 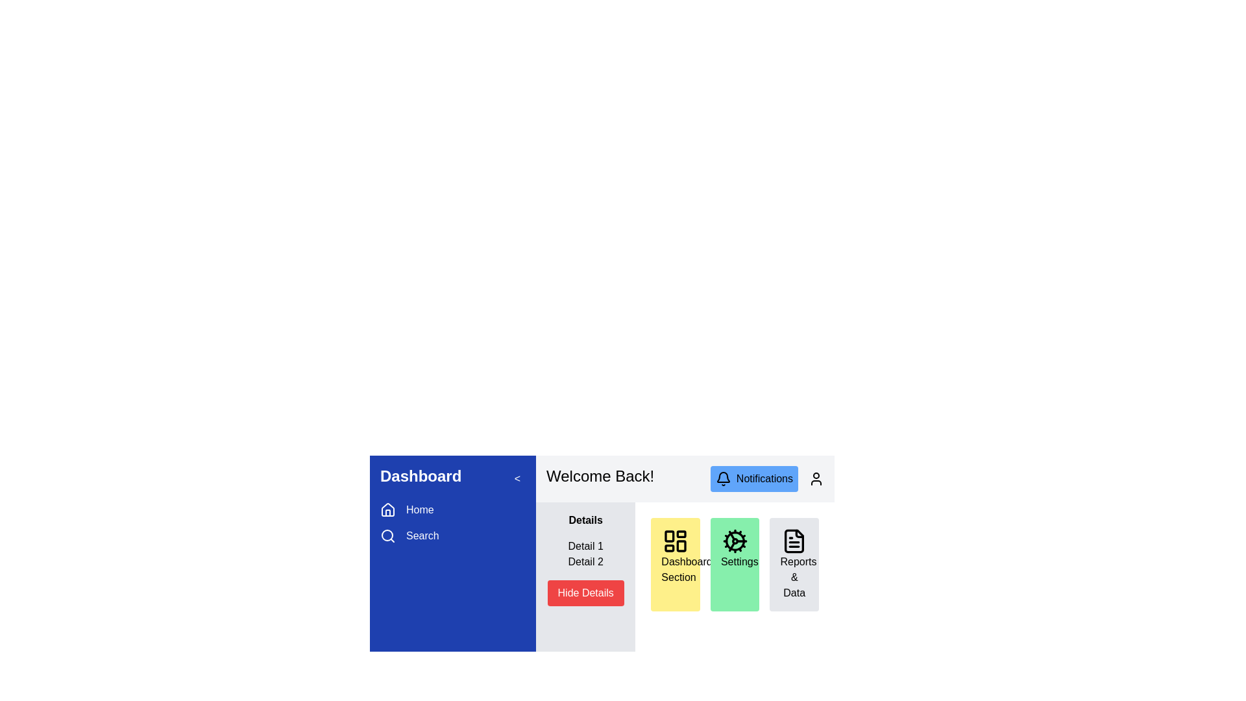 I want to click on the 'Detail 2' label located in the second row of the 'Details' section, so click(x=585, y=561).